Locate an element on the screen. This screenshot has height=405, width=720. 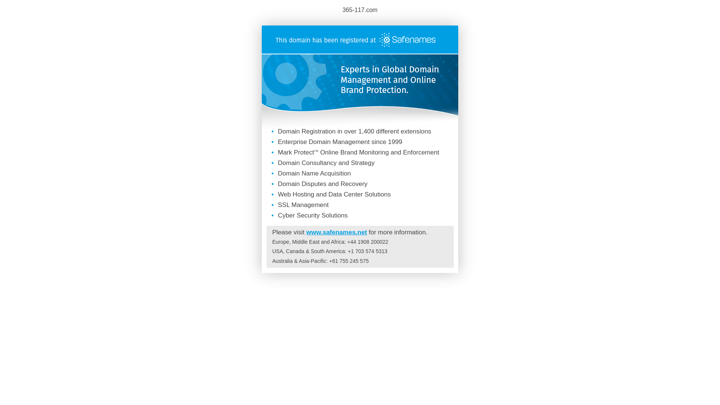
'www.safenames.net' is located at coordinates (336, 232).